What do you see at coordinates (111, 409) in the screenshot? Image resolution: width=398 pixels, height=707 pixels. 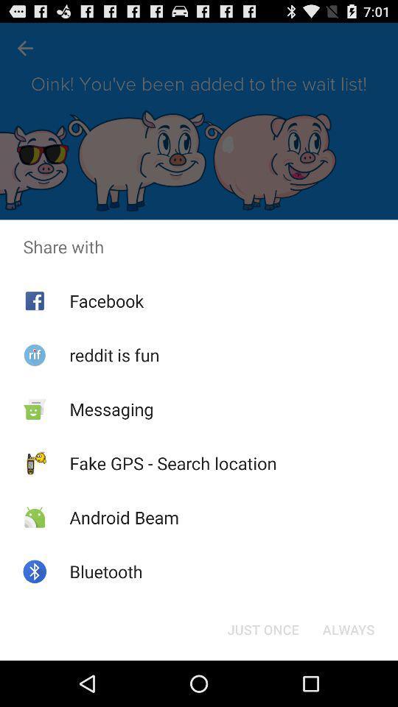 I see `app above fake gps search item` at bounding box center [111, 409].